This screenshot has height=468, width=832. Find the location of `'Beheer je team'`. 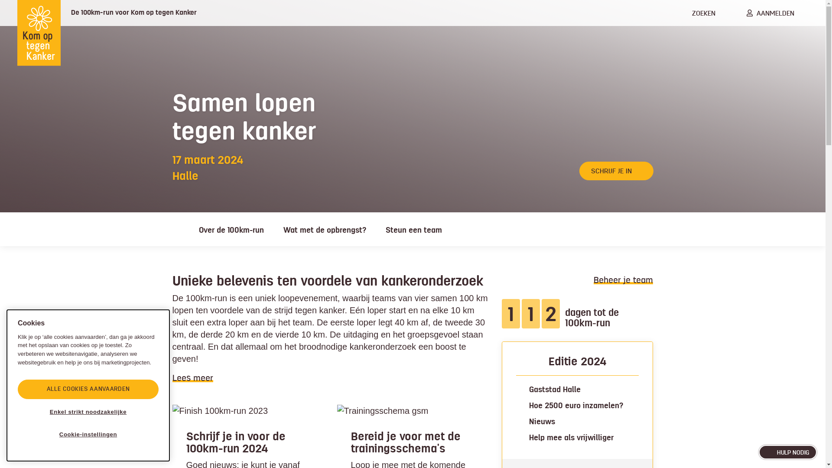

'Beheer je team' is located at coordinates (623, 279).